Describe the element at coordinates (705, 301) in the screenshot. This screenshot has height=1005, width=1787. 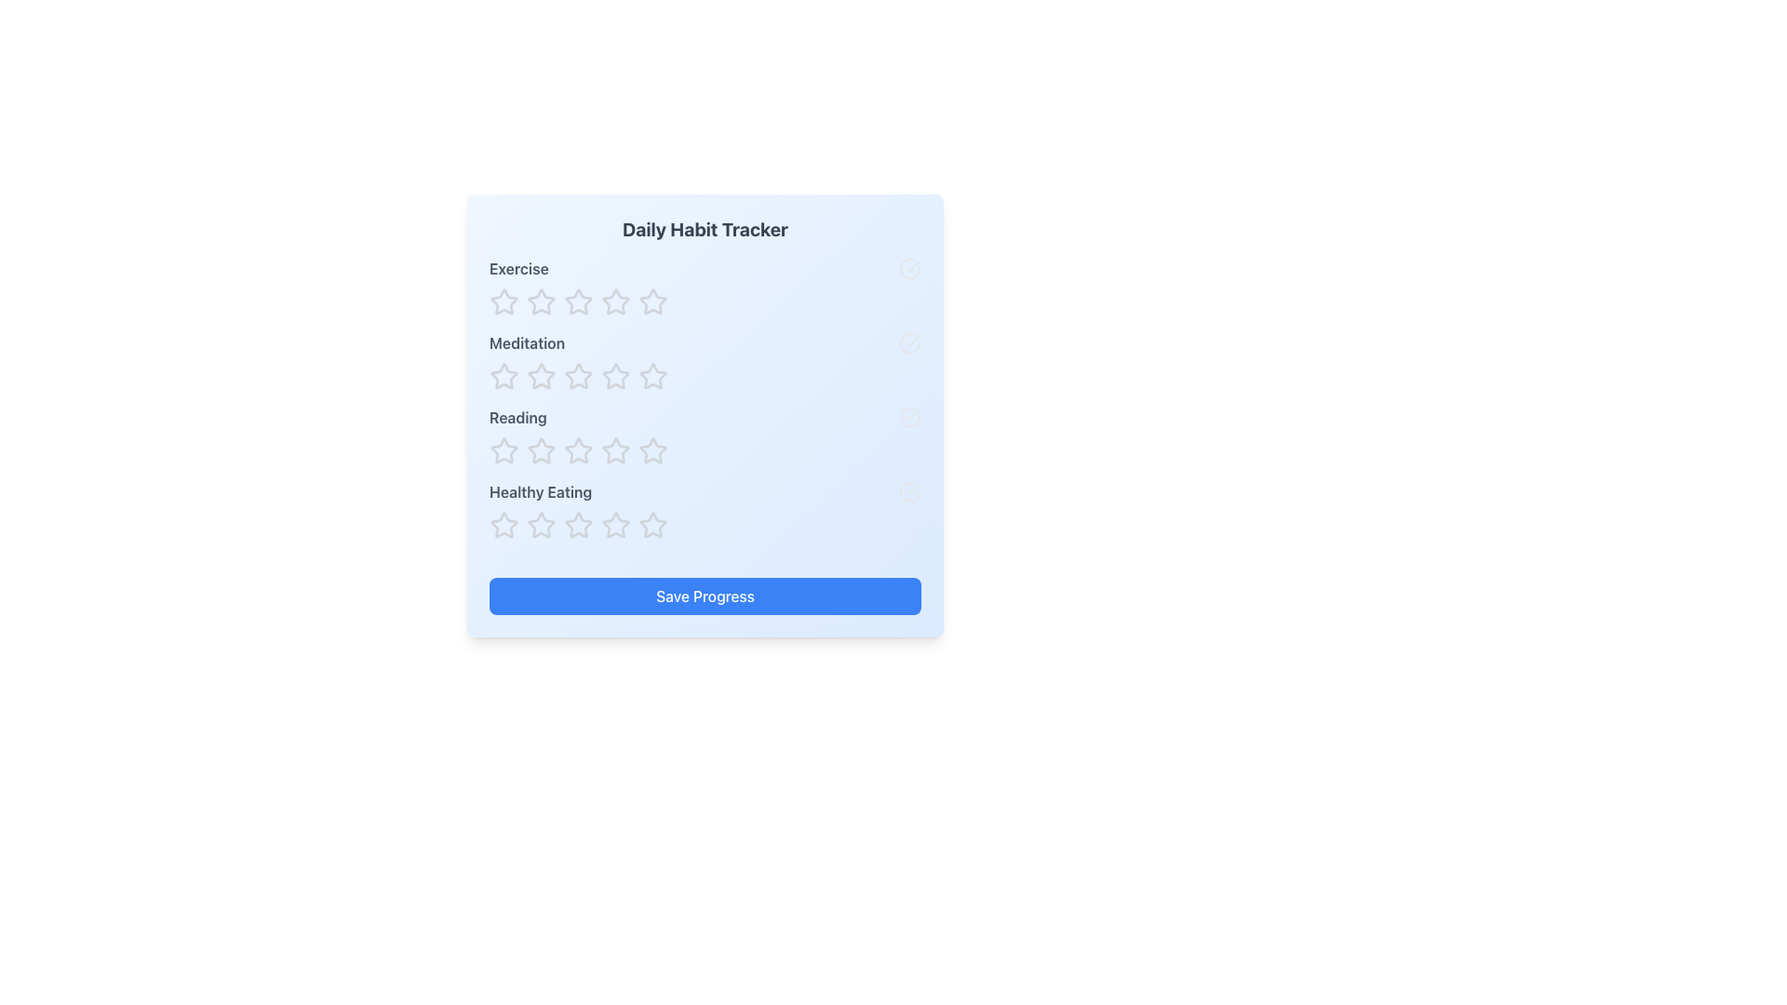
I see `across the first row of star icons in the Rating component under the 'Exercise' label` at that location.